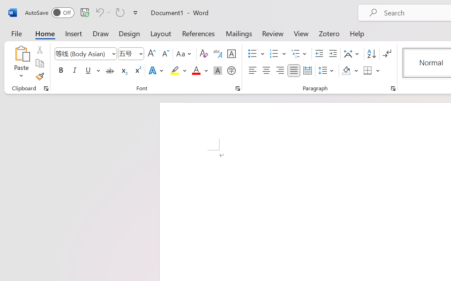 This screenshot has width=451, height=281. Describe the element at coordinates (98, 12) in the screenshot. I see `'Can'` at that location.